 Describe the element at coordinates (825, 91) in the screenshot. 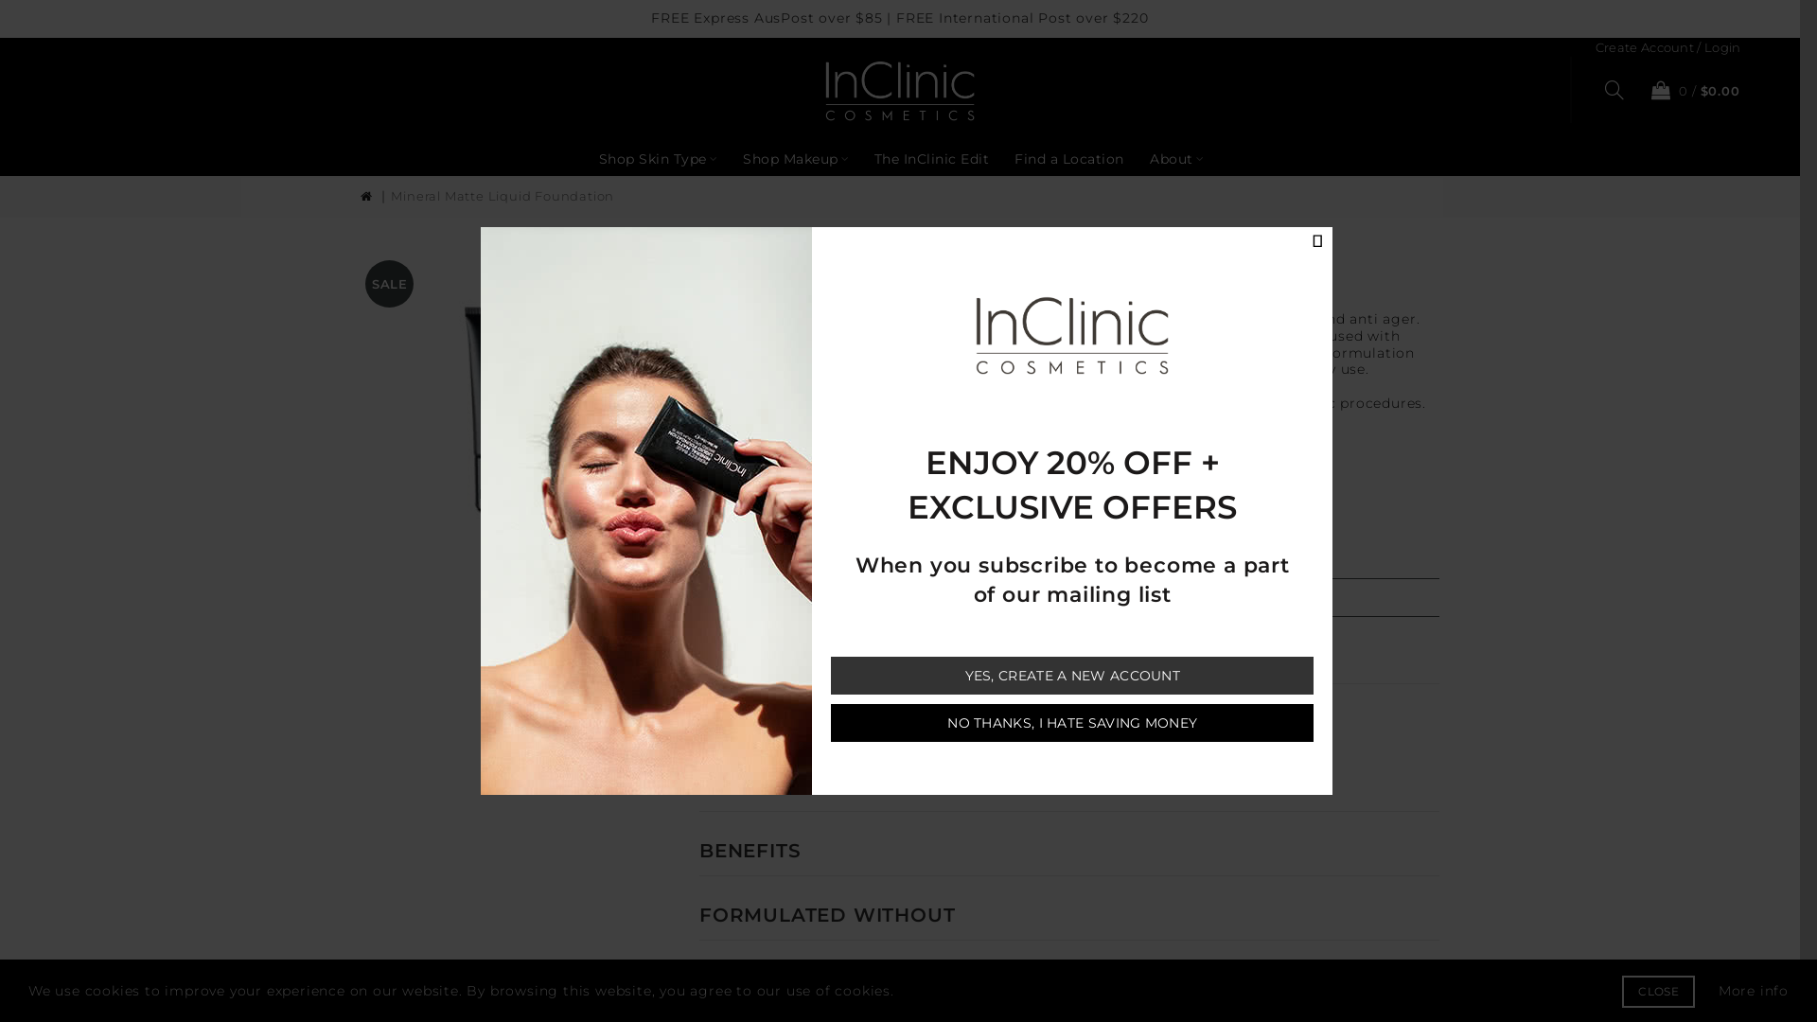

I see `'InClinic Cosmetics'` at that location.